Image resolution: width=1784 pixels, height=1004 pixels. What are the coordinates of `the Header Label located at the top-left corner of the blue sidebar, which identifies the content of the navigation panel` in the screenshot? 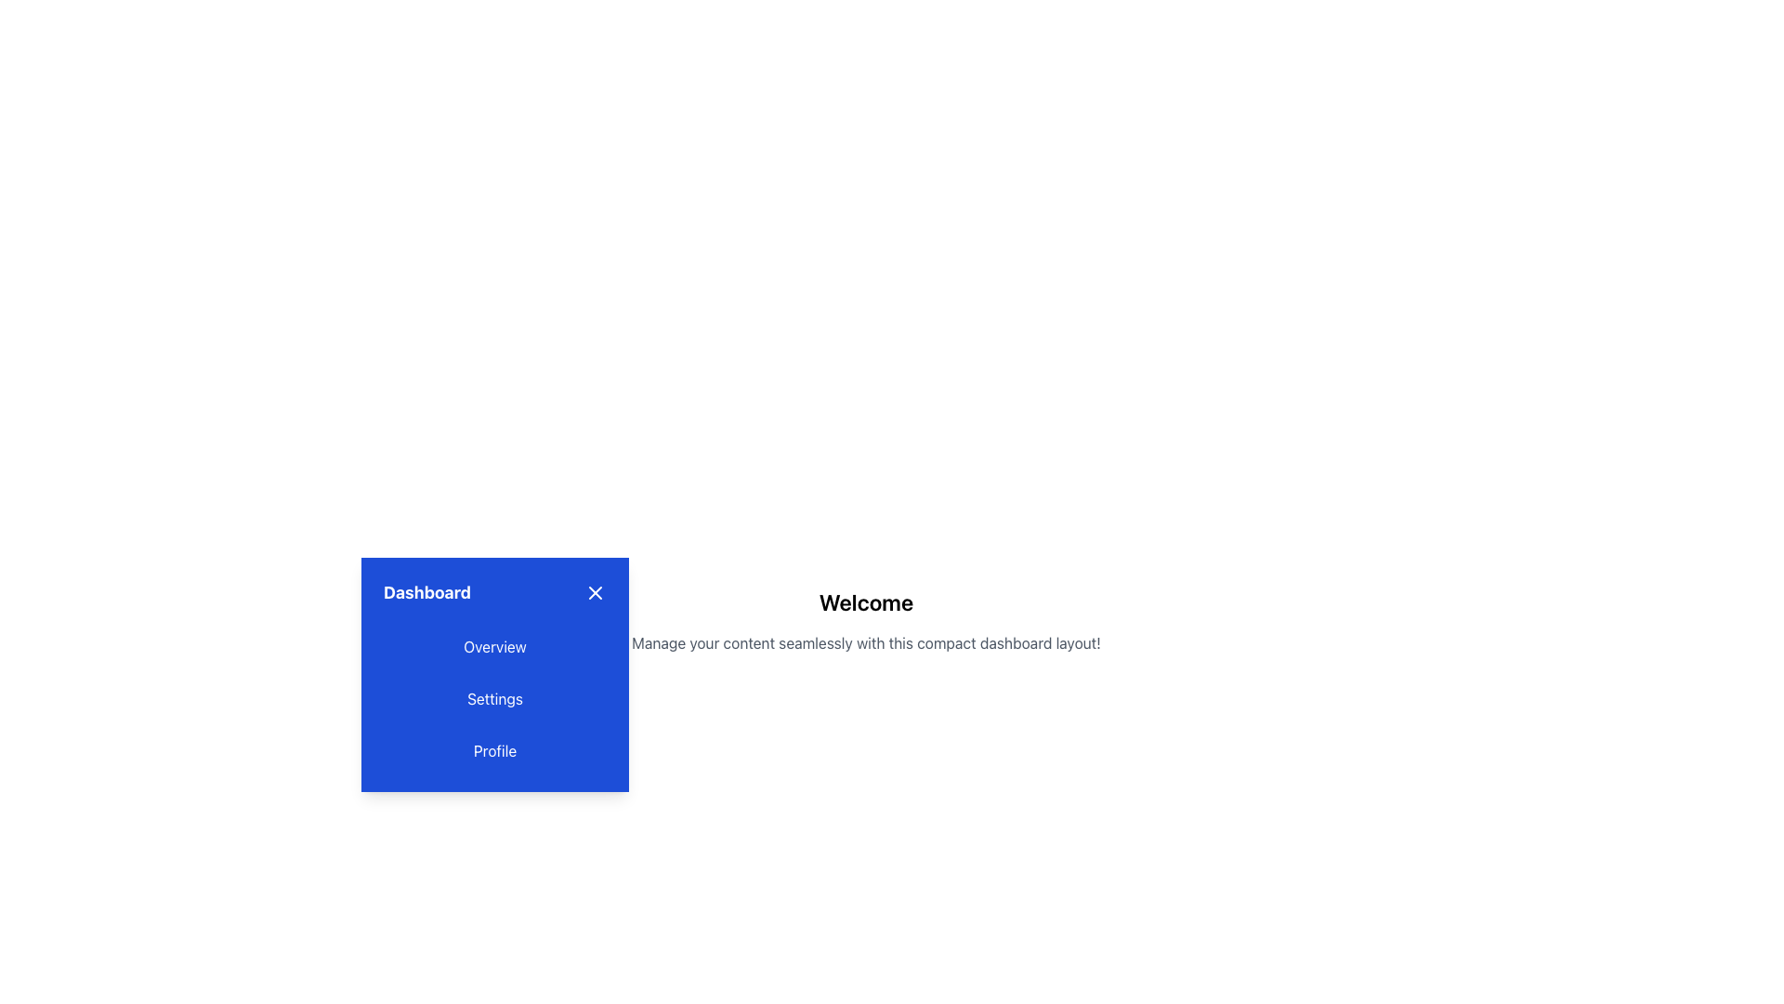 It's located at (426, 592).